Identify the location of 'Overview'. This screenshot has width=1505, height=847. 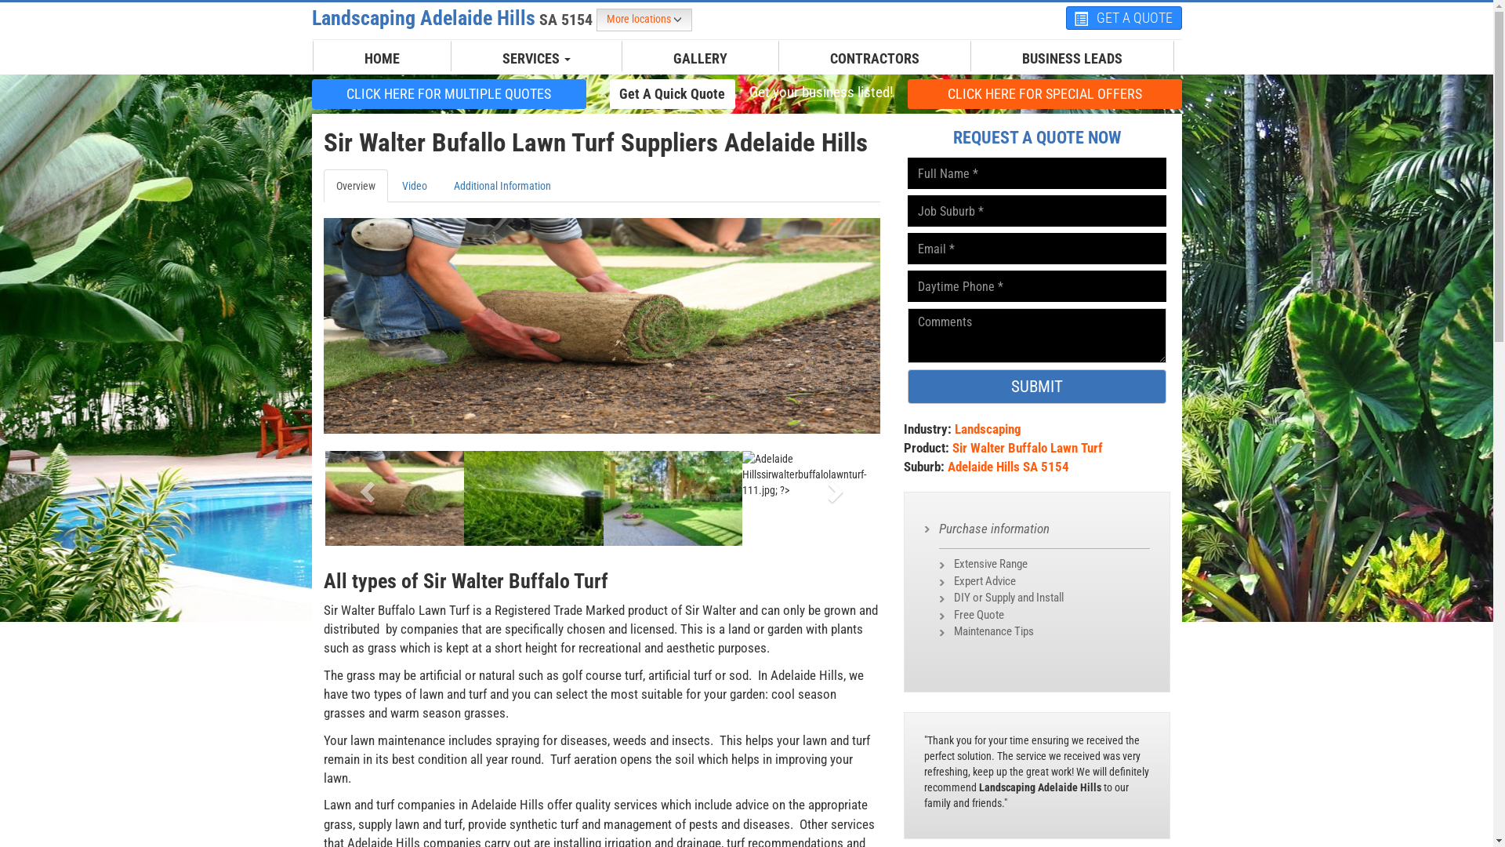
(354, 184).